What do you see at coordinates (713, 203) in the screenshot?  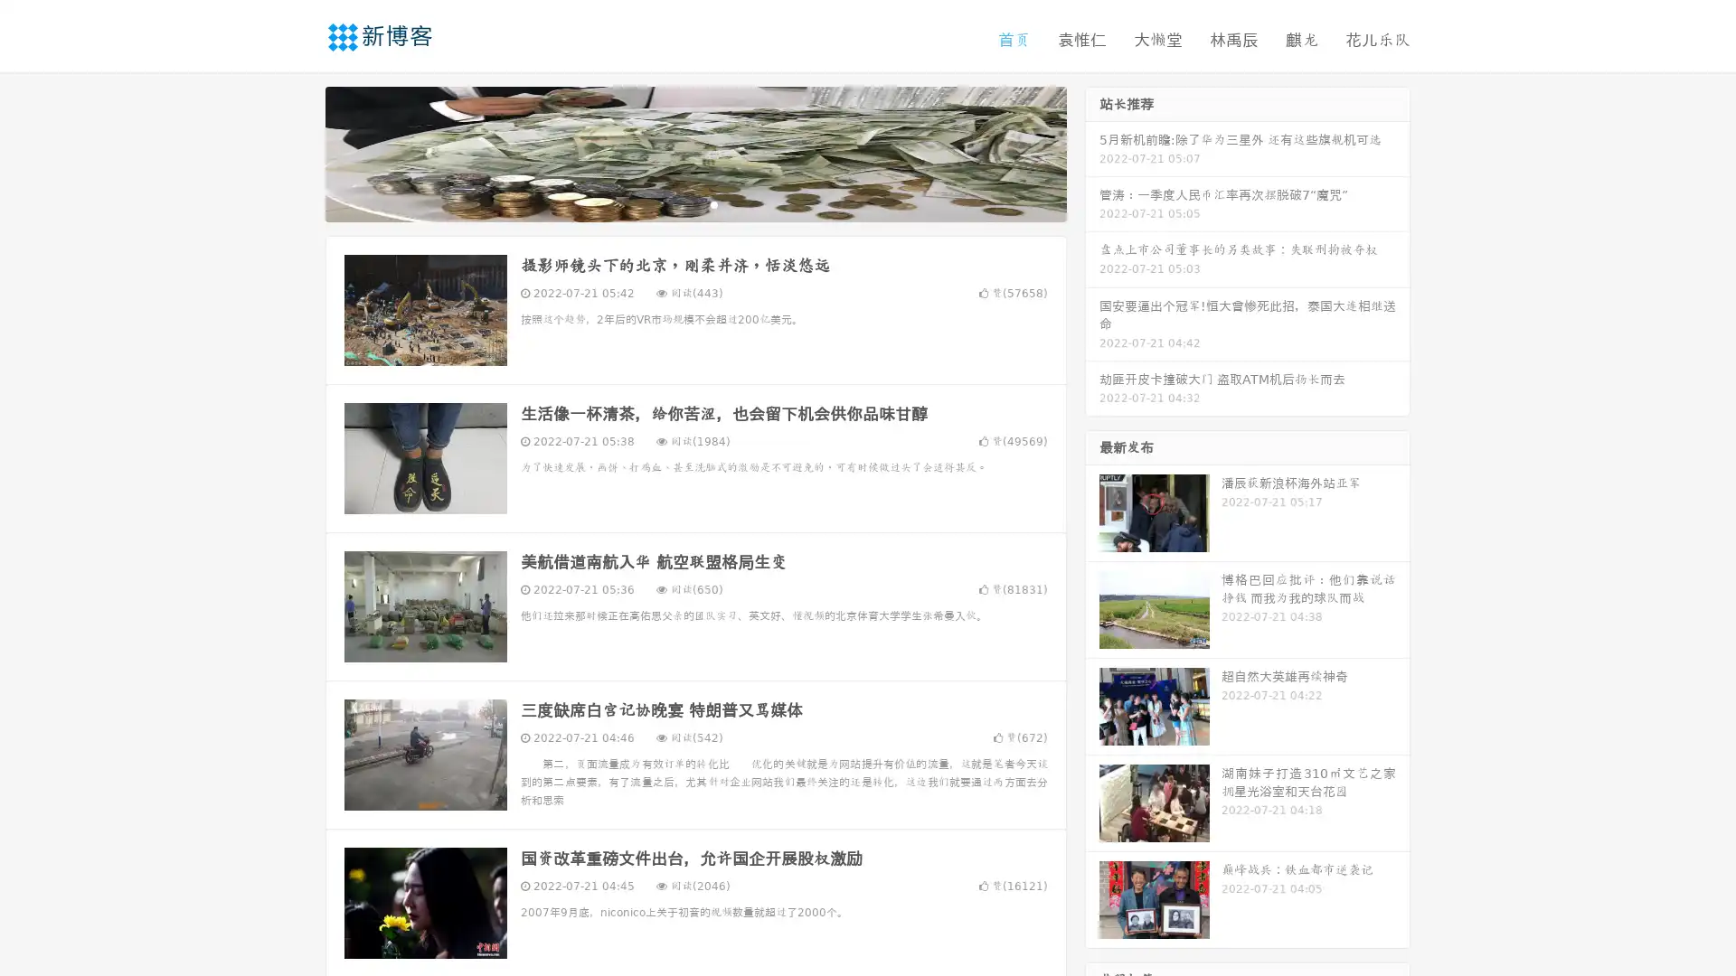 I see `Go to slide 3` at bounding box center [713, 203].